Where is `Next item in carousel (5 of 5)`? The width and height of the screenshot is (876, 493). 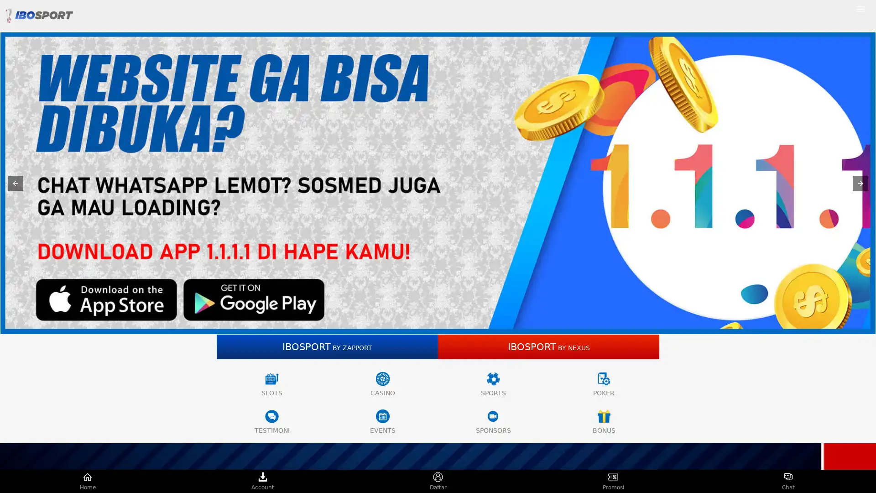 Next item in carousel (5 of 5) is located at coordinates (860, 183).